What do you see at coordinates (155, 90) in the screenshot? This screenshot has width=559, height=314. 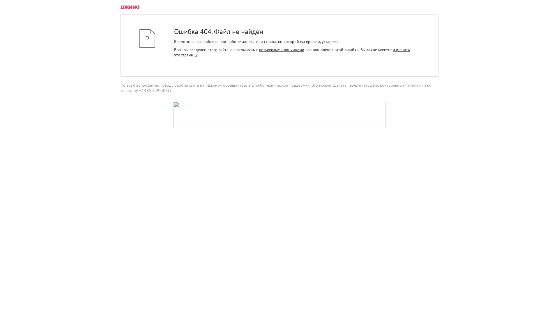 I see `'+7 495 229-30-31'` at bounding box center [155, 90].